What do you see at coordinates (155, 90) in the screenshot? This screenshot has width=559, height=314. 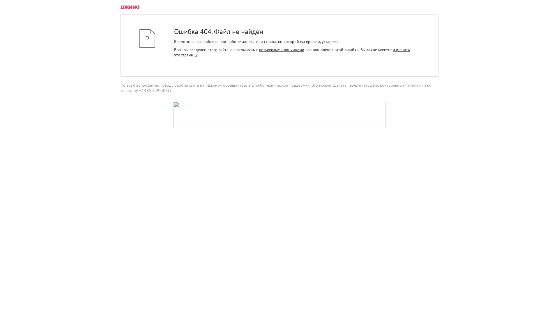 I see `'+7 495 229-30-31'` at bounding box center [155, 90].